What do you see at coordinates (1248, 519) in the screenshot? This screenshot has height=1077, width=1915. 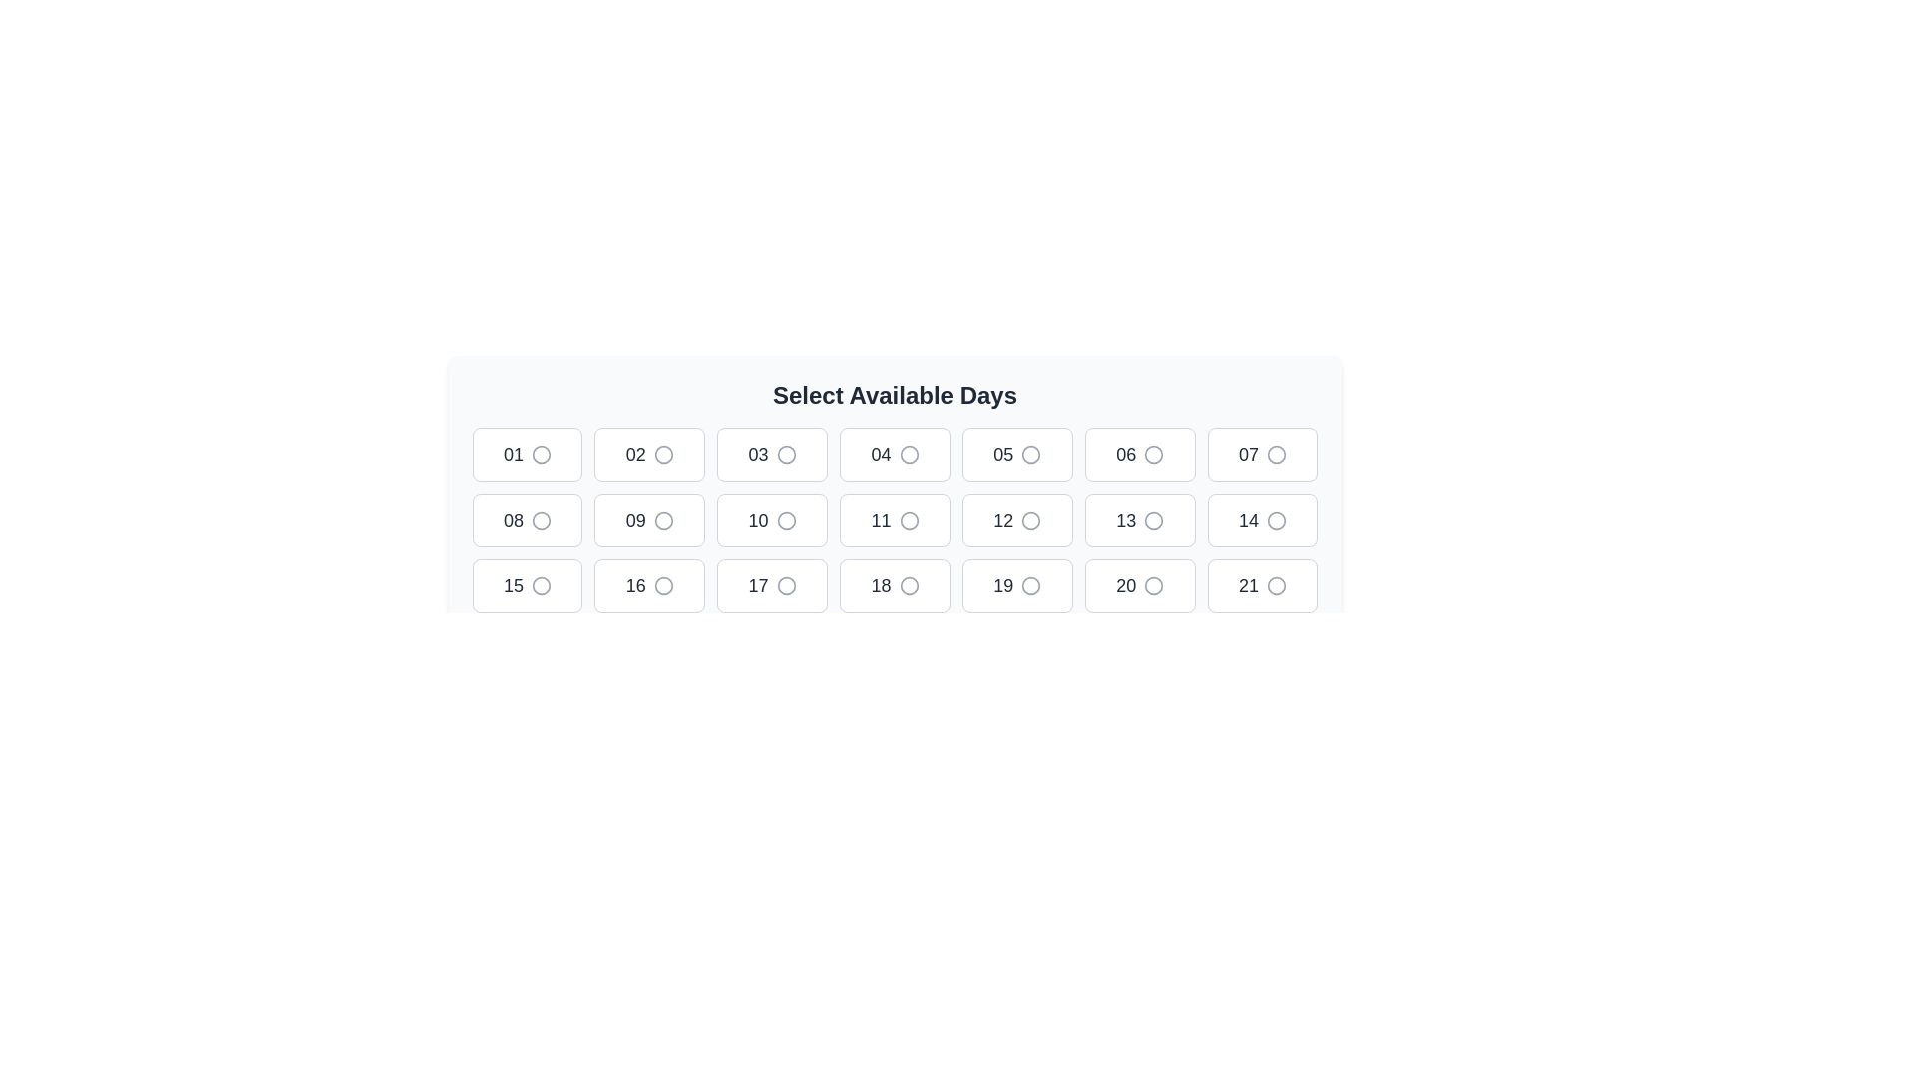 I see `number displayed in the numeric label showing '14', which is styled in bold black font and located in the second row, fourth column of the selection grid` at bounding box center [1248, 519].